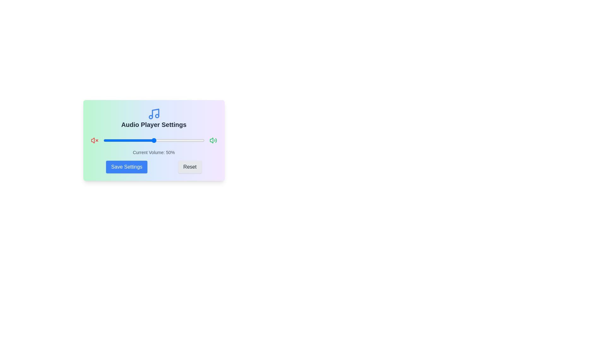 The width and height of the screenshot is (606, 341). What do you see at coordinates (154, 118) in the screenshot?
I see `the 'Audio Player Settings' title section, which includes a blue musical note icon and bold text, located at the top-center of the user interface card` at bounding box center [154, 118].